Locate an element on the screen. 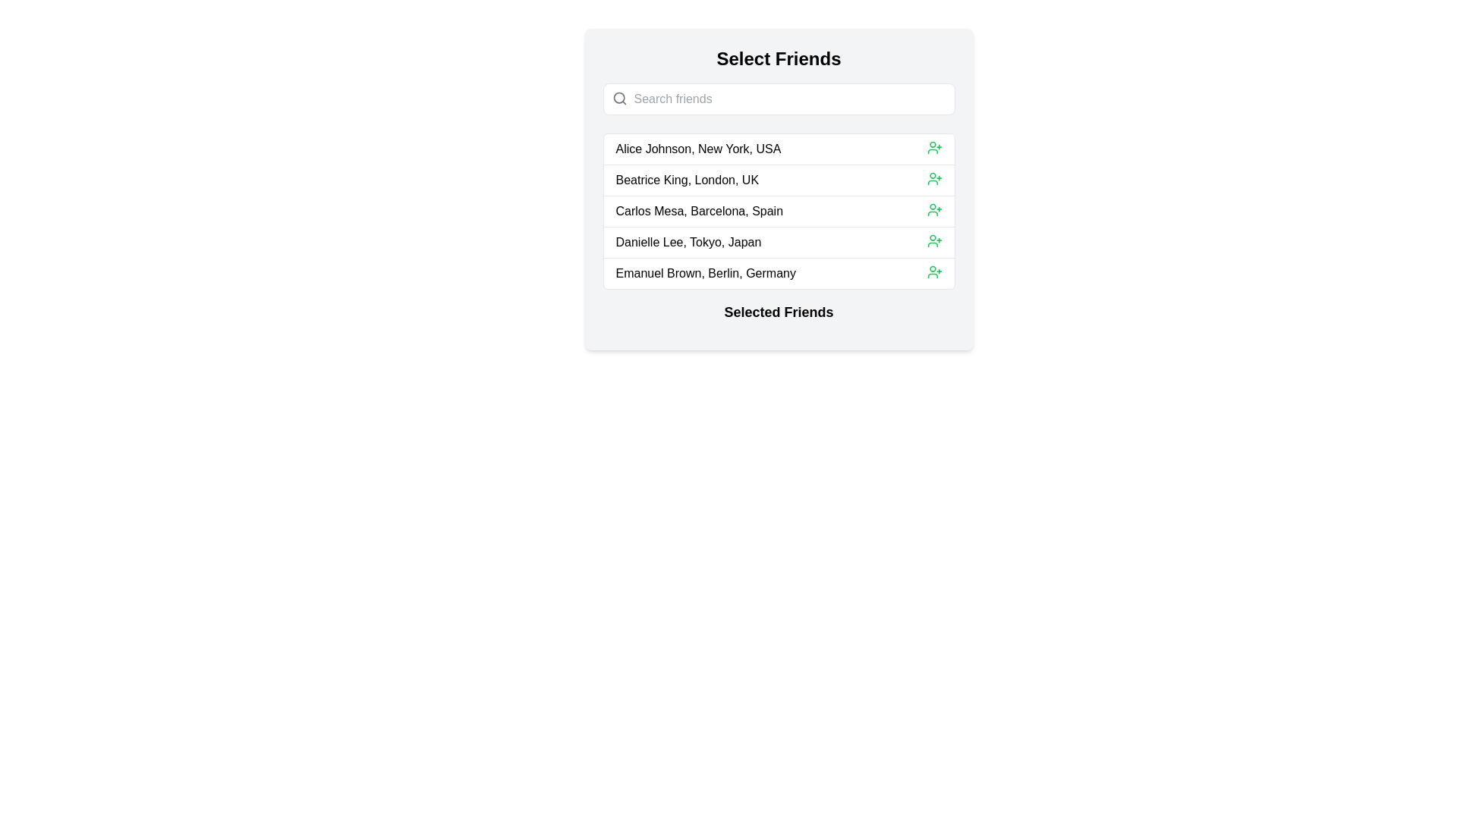 This screenshot has height=819, width=1457. the fifth selectable user item in the 'Select Friends' interface is located at coordinates (779, 273).